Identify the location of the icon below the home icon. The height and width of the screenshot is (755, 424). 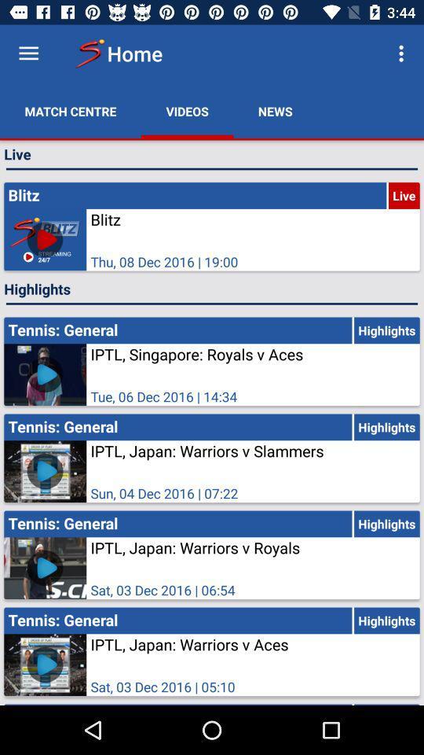
(187, 110).